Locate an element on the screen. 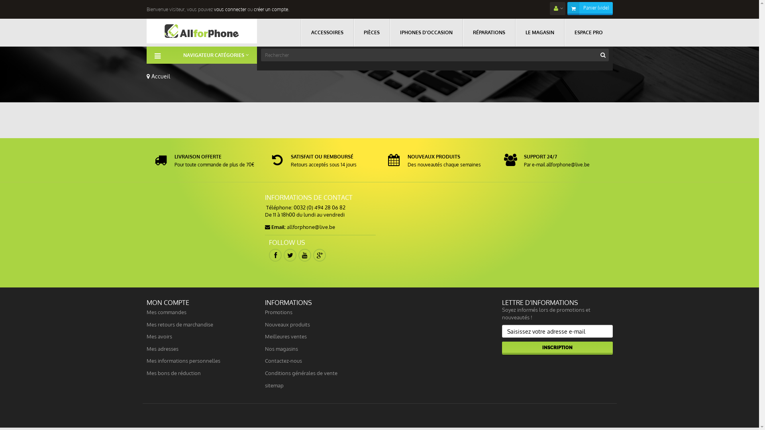  'Mes adresses' is located at coordinates (147, 348).